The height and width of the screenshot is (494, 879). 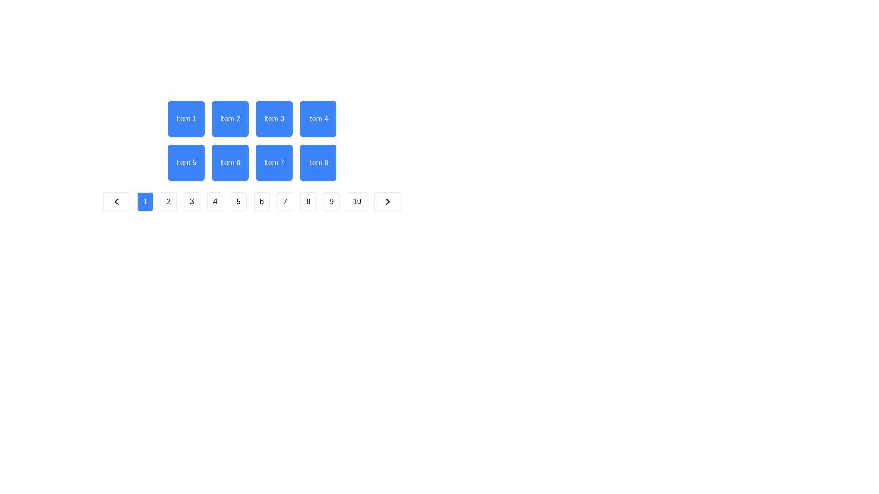 I want to click on the left-facing chevron icon located in the pagination control area, so click(x=116, y=201).